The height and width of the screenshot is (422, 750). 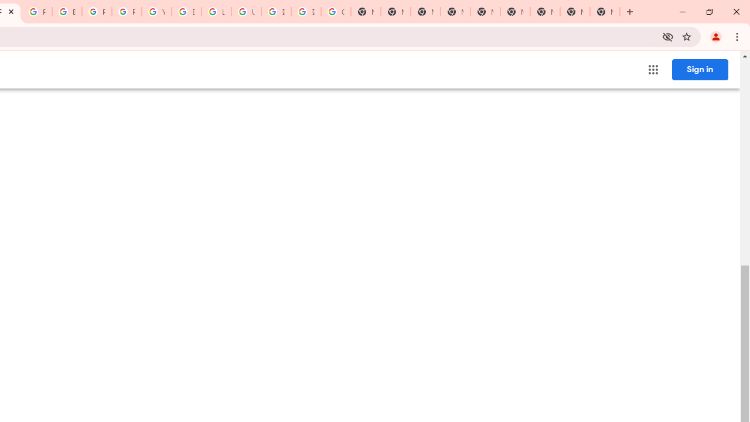 I want to click on 'Sign in', so click(x=700, y=69).